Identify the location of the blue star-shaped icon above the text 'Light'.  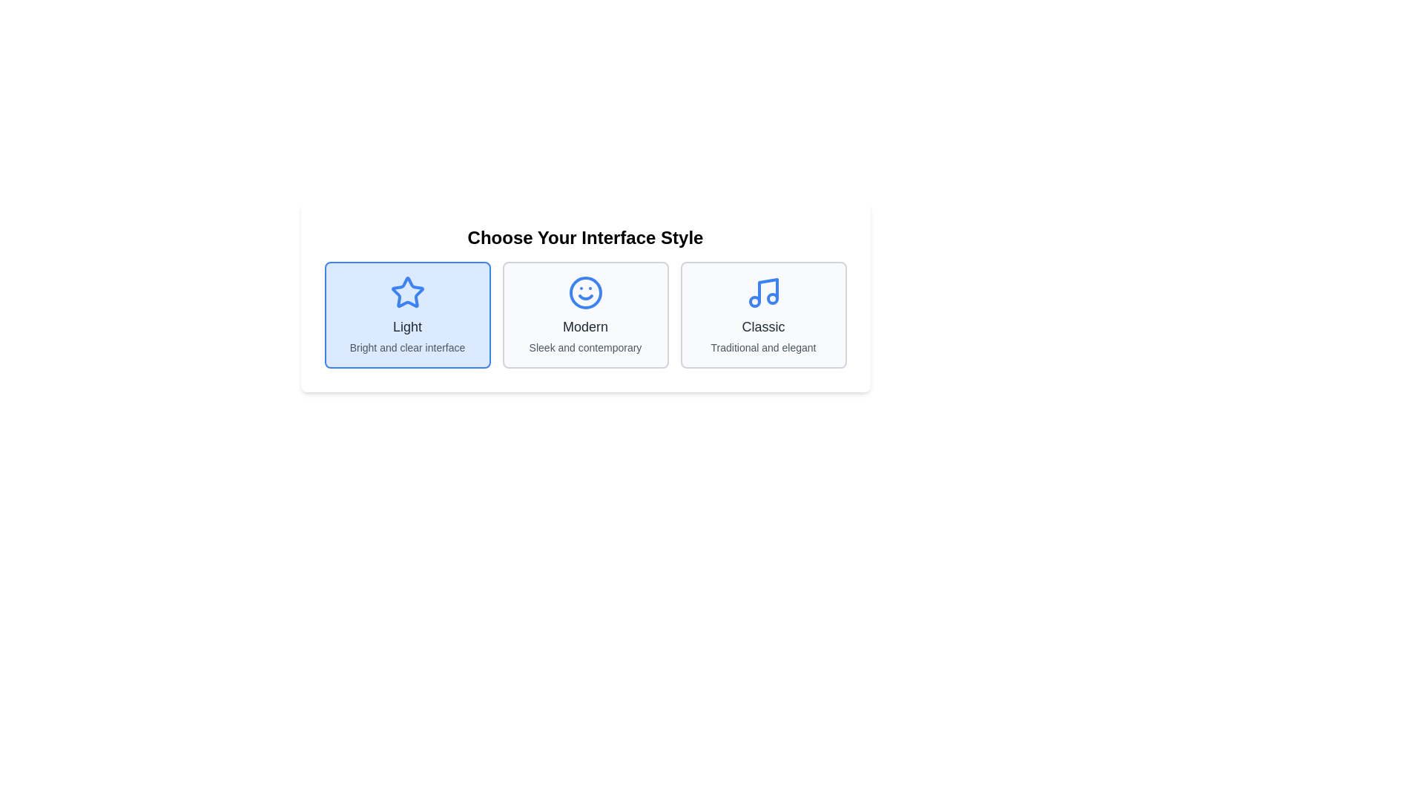
(407, 292).